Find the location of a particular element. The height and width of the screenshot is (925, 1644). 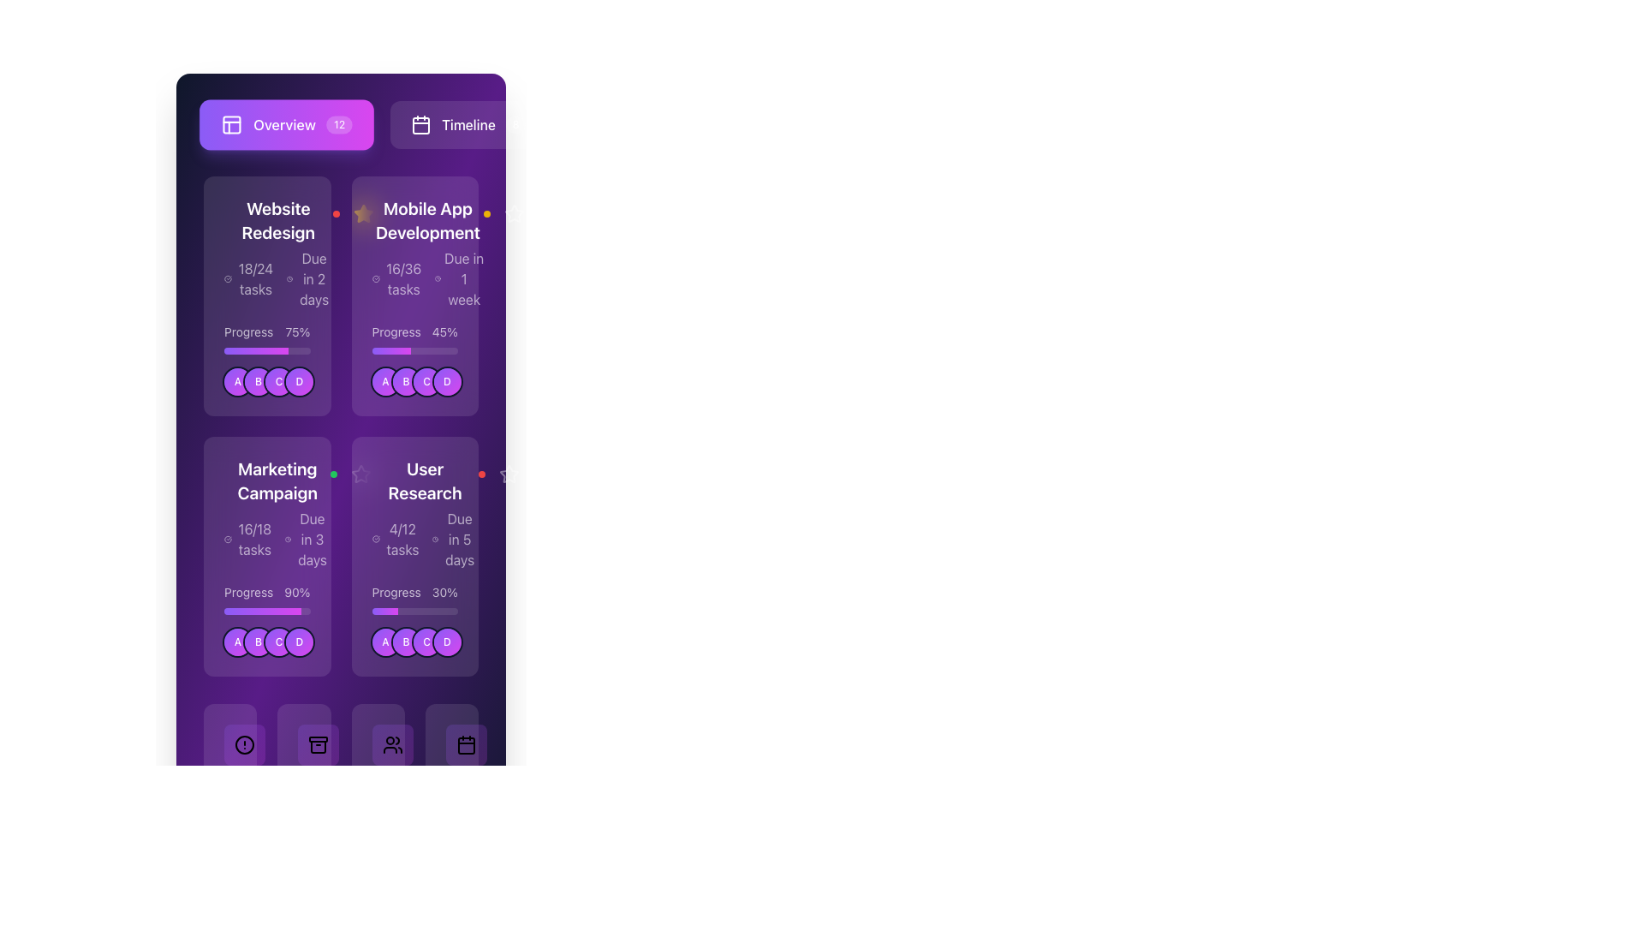

the grouped avatar icons, which are a horizontally arranged set of four circular avatars with gradient backgrounds and letters ('A', 'B', 'C', 'D') in the 'Marketing Campaign' section at the bottom of the card is located at coordinates (267, 642).